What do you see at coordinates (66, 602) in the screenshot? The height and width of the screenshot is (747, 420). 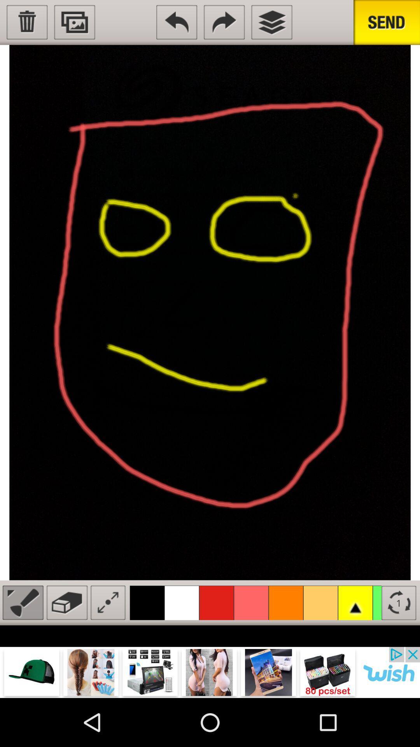 I see `eraser` at bounding box center [66, 602].